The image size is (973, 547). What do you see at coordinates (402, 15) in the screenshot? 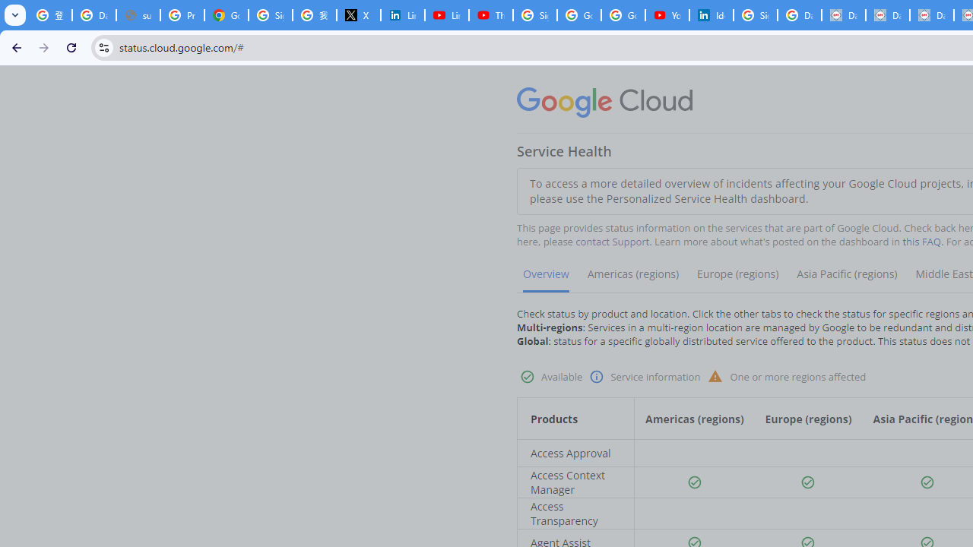
I see `'LinkedIn Privacy Policy'` at bounding box center [402, 15].